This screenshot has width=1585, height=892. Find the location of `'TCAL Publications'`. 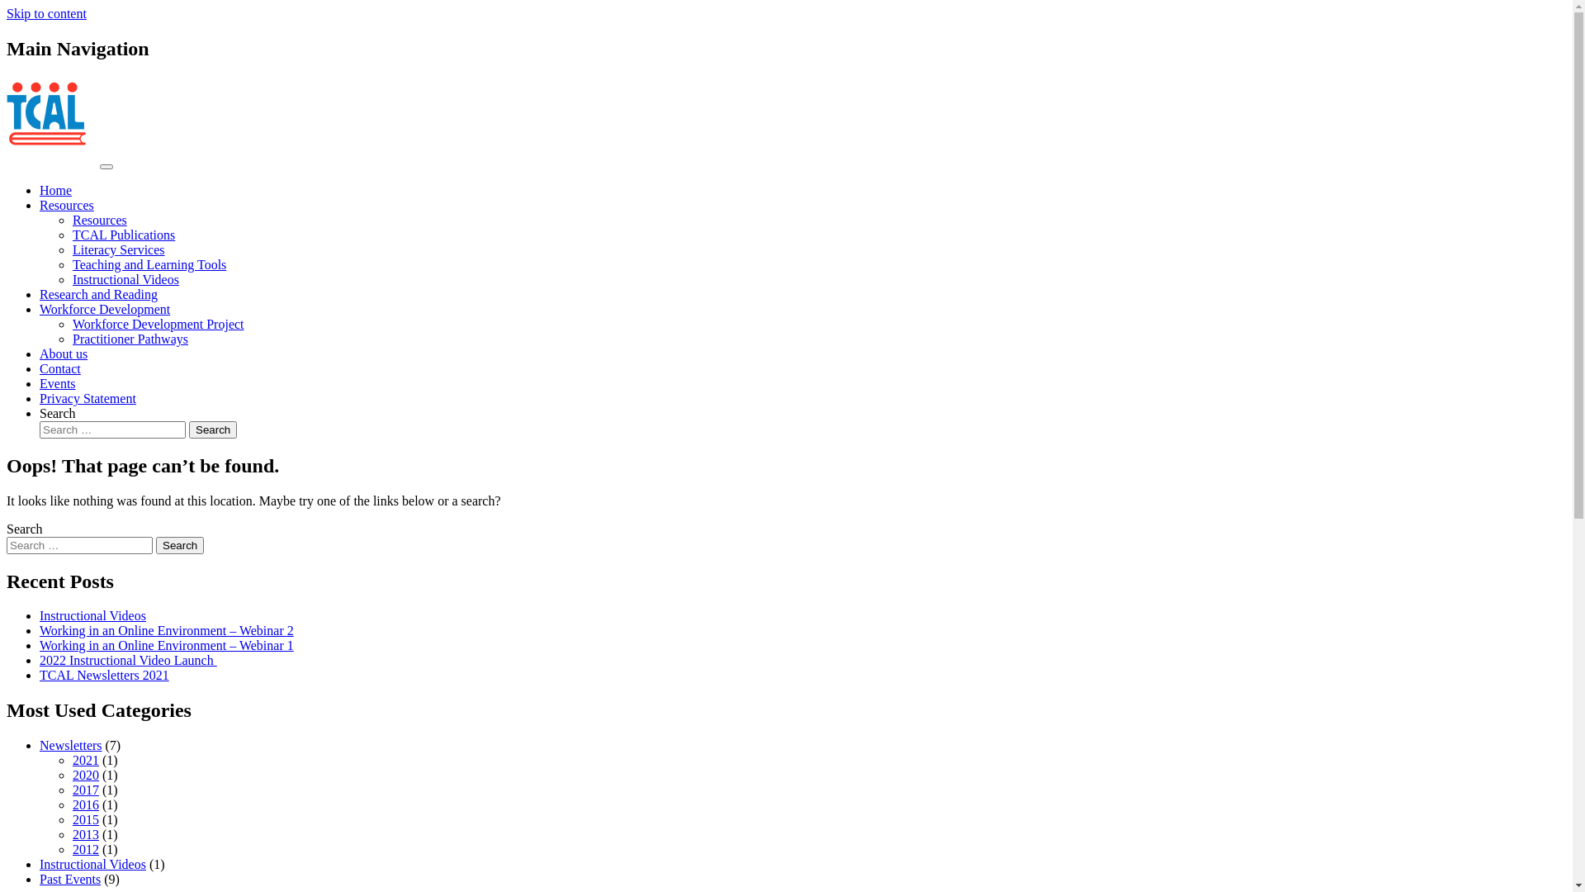

'TCAL Publications' is located at coordinates (122, 235).